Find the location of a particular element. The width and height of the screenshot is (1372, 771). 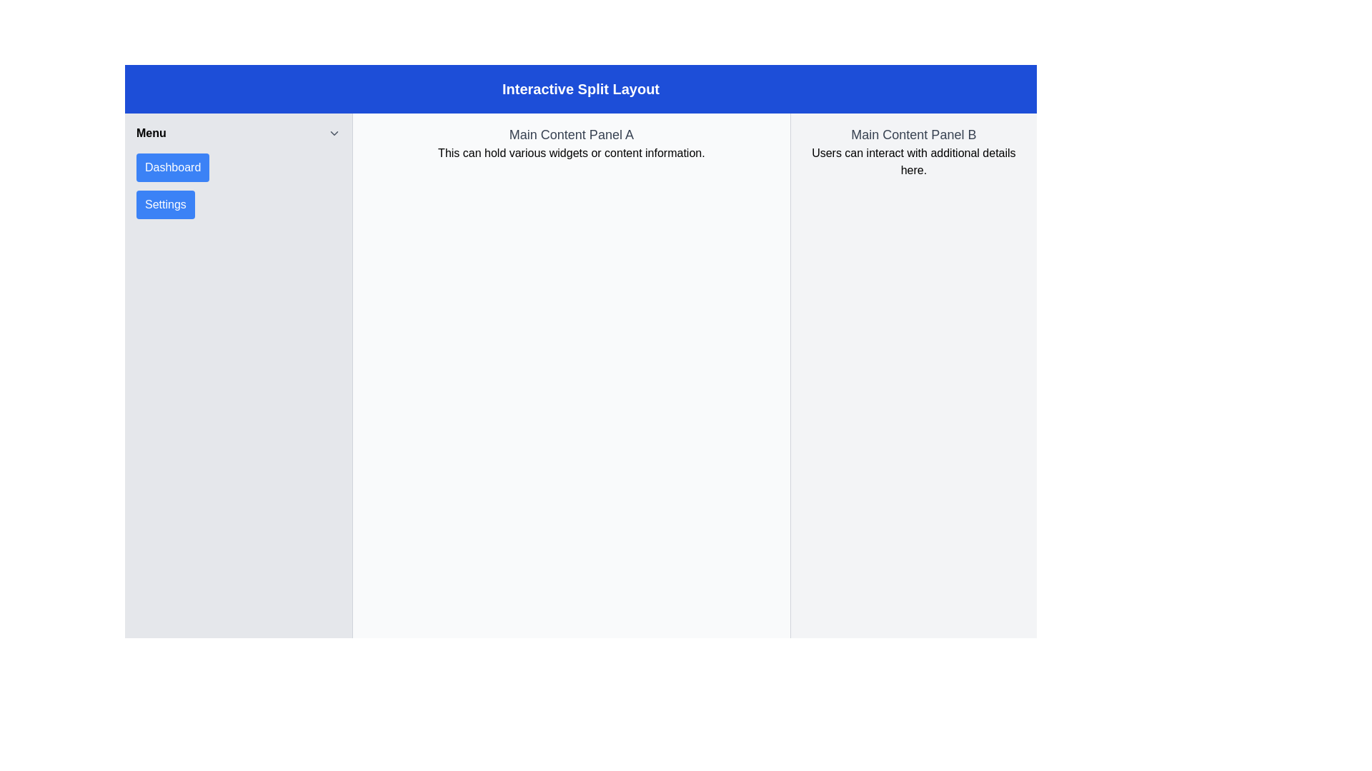

the static text block that contains the descriptive text 'This can hold various widgets or content information.' located below the header 'Main Content Panel A' in the left content section is located at coordinates (570, 153).